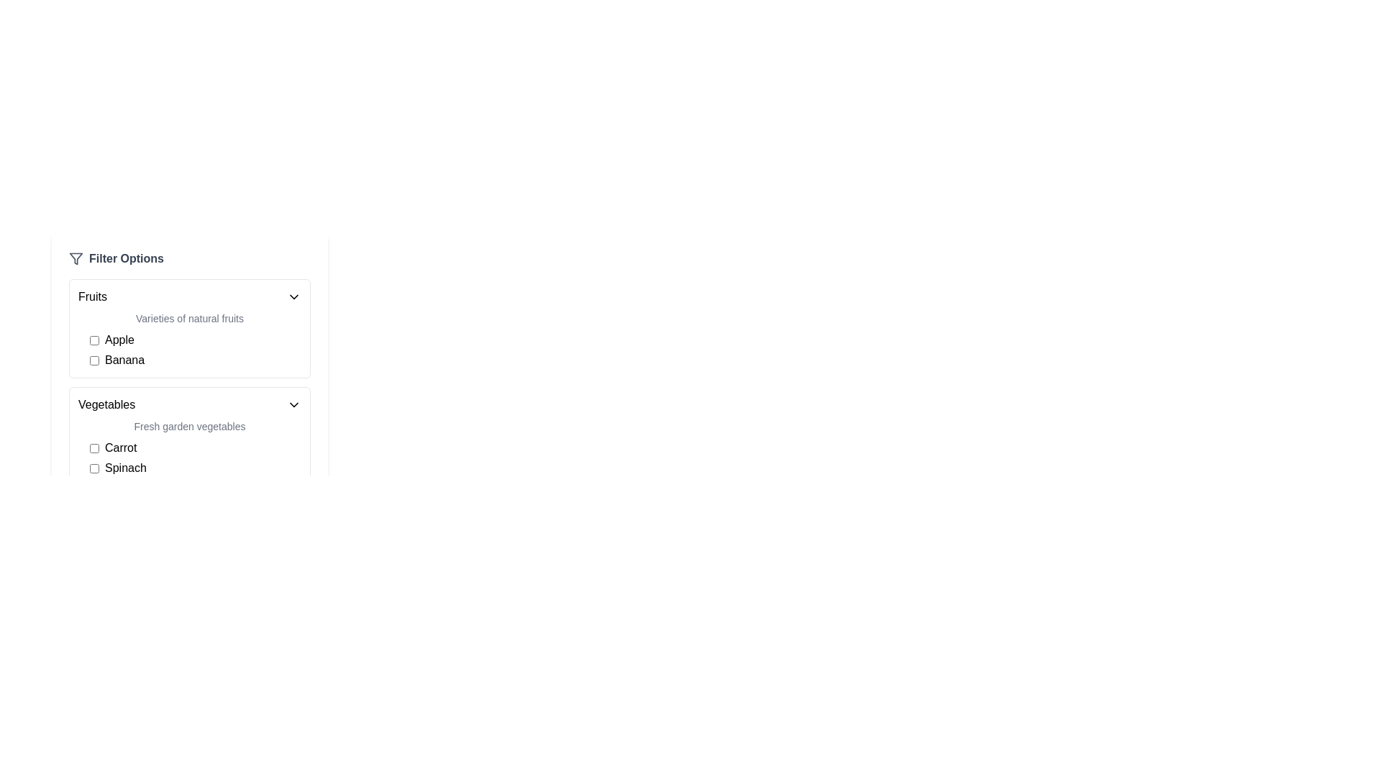  What do you see at coordinates (121, 447) in the screenshot?
I see `the label containing the text 'Carrot'` at bounding box center [121, 447].